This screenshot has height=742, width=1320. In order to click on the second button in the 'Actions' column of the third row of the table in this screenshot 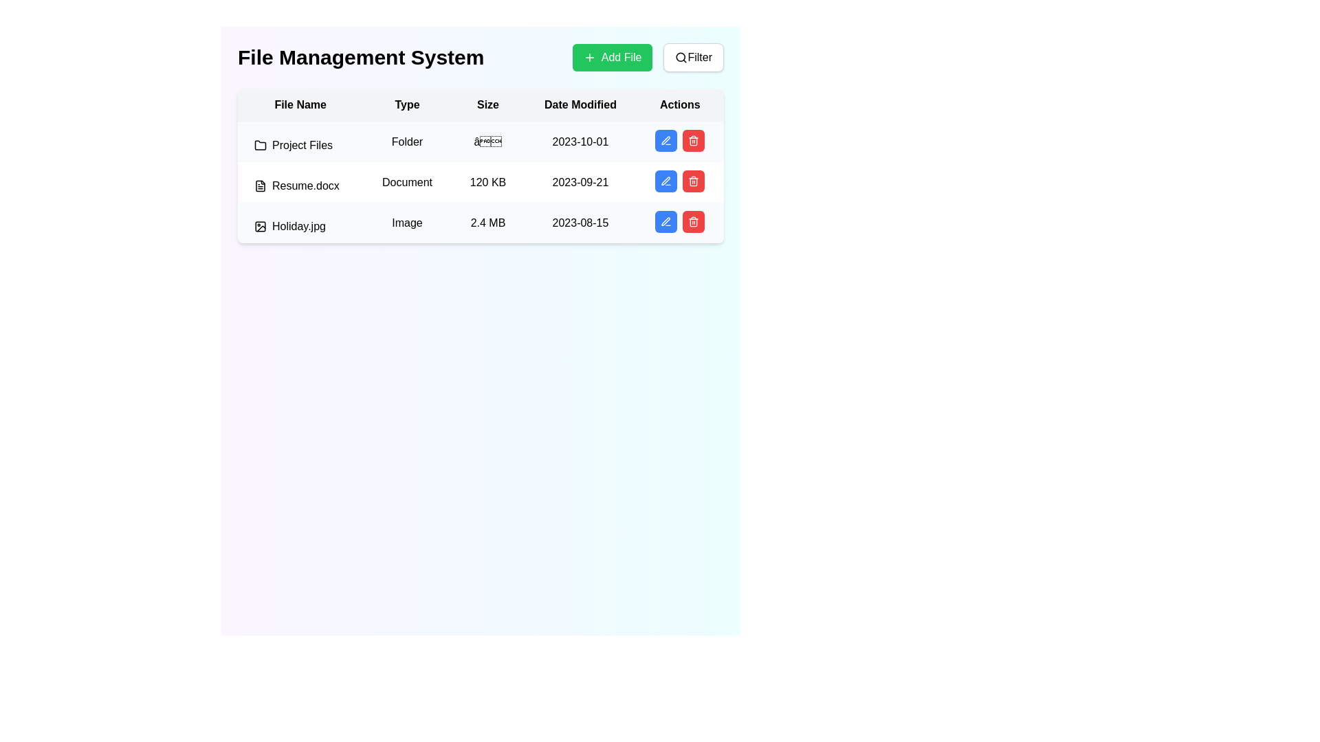, I will do `click(694, 140)`.